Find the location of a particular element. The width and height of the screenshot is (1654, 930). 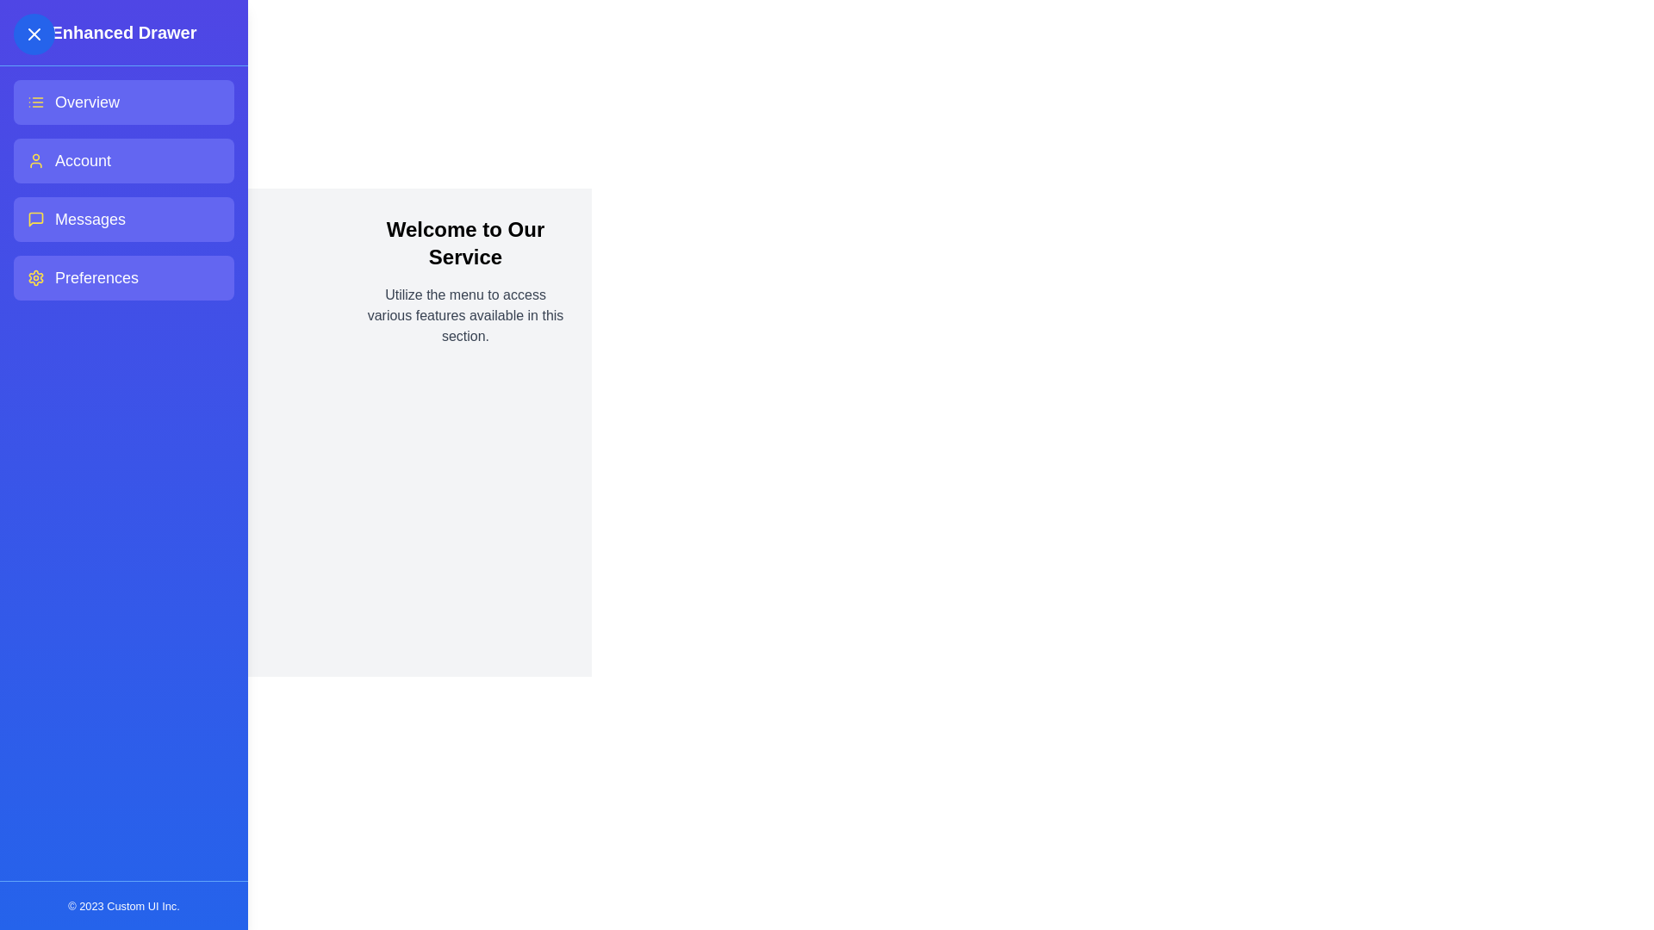

the second navigation button in the sidebar is located at coordinates (123, 160).